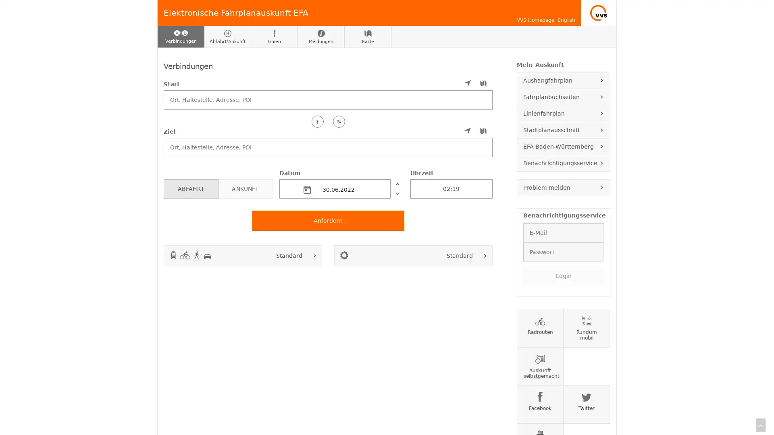  Describe the element at coordinates (227, 37) in the screenshot. I see `Abfahrt/Ankunft` at that location.